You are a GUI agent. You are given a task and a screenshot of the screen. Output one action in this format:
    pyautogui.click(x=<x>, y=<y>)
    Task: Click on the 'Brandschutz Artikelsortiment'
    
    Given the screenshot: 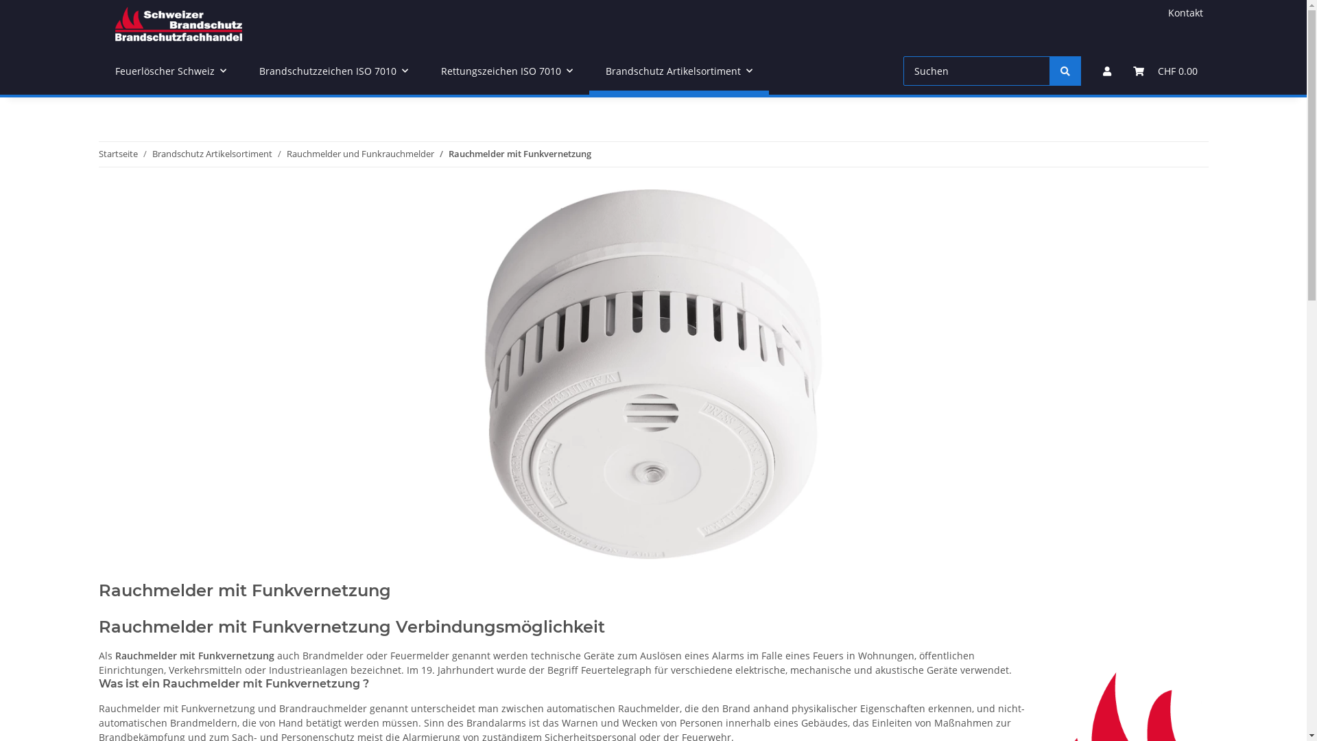 What is the action you would take?
    pyautogui.click(x=152, y=154)
    